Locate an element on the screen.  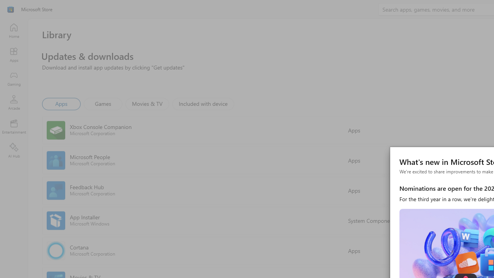
'Movies & TV' is located at coordinates (147, 103).